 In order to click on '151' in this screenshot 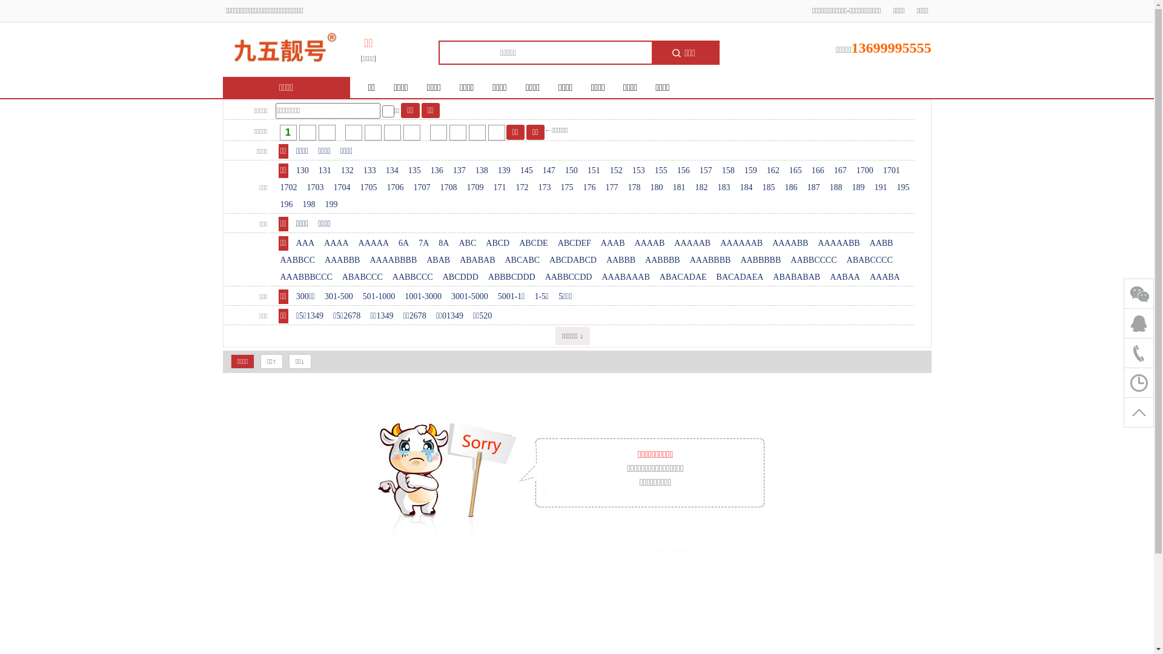, I will do `click(585, 170)`.